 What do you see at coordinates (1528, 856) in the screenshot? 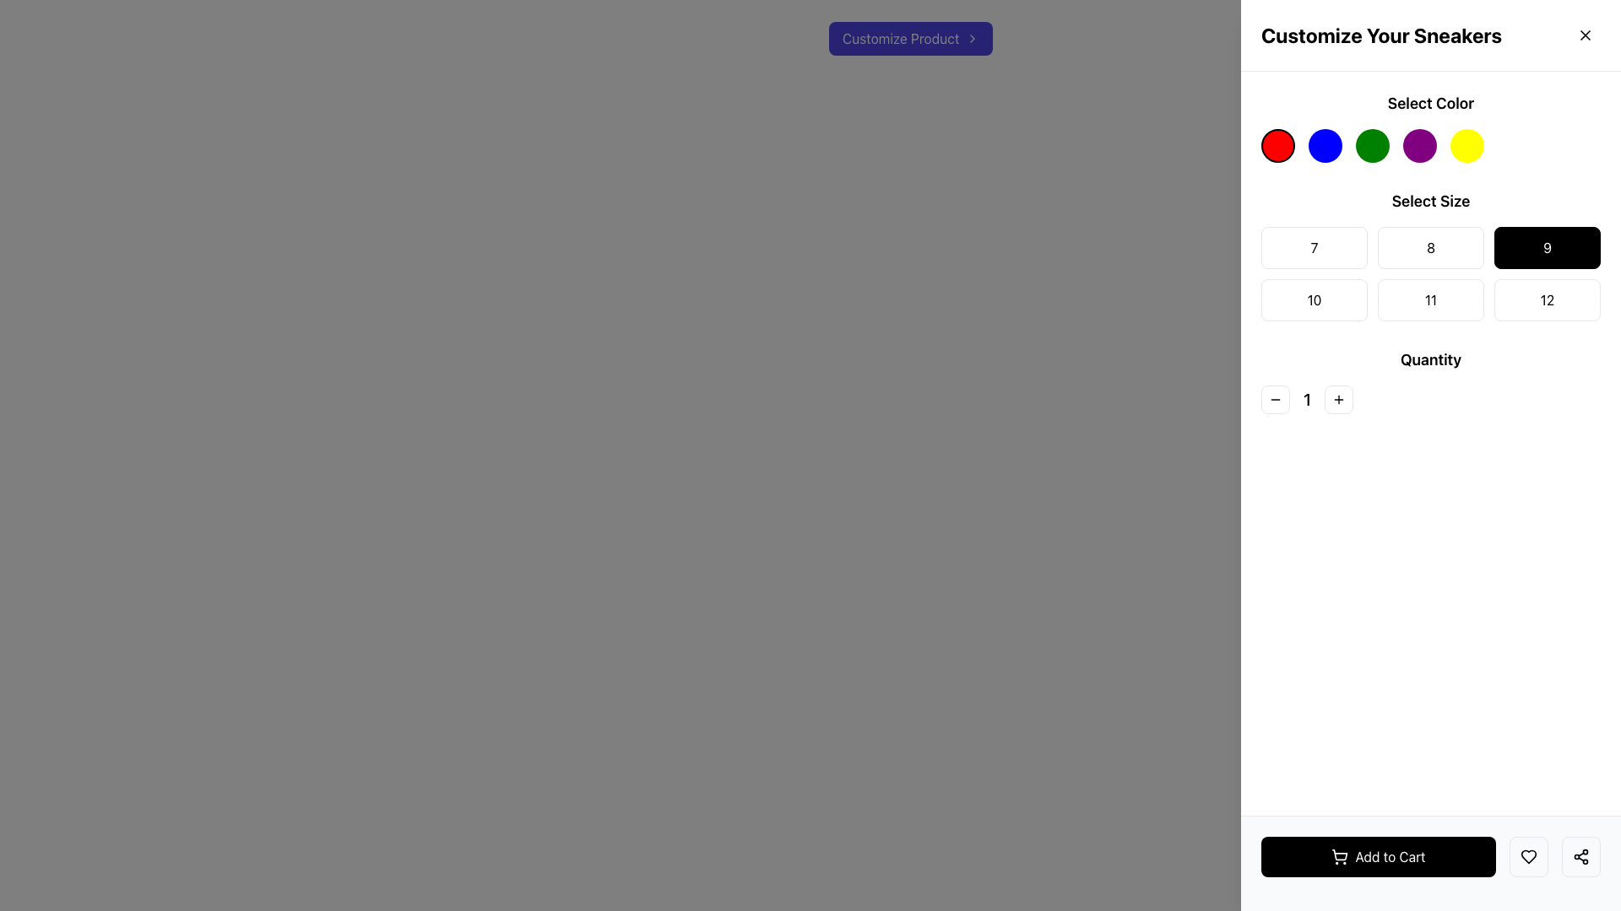
I see `the heart-shaped icon button with black strokes, which is located next to the 'Add to Cart' button, to receive additional visual feedback` at bounding box center [1528, 856].